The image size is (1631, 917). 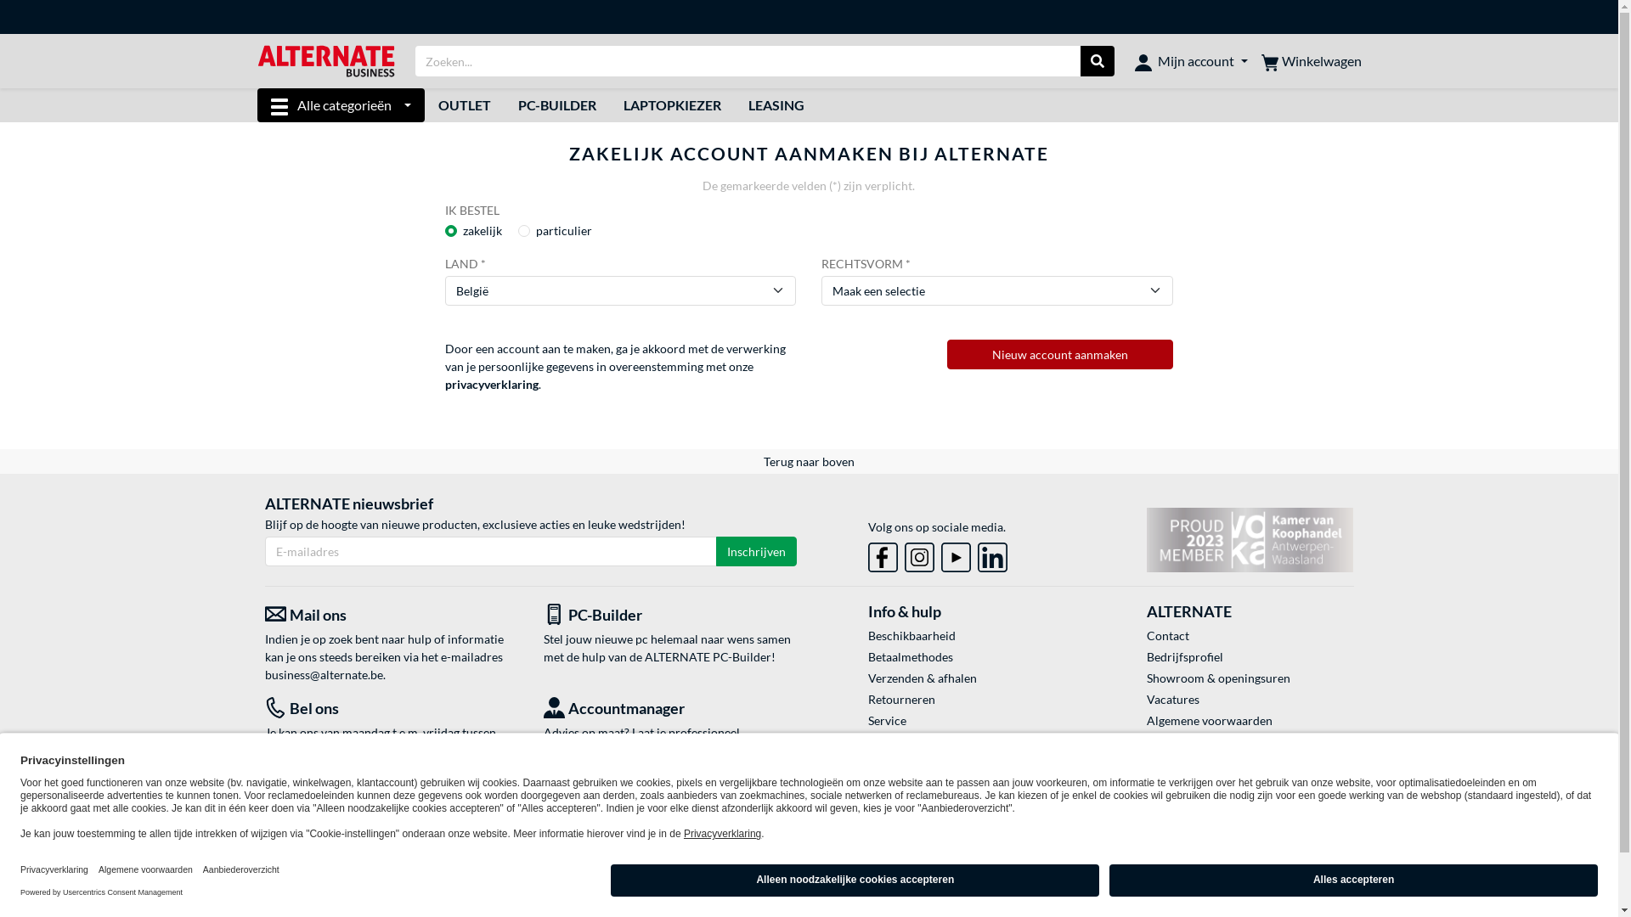 I want to click on 'Verzenden & afhalen', so click(x=971, y=677).